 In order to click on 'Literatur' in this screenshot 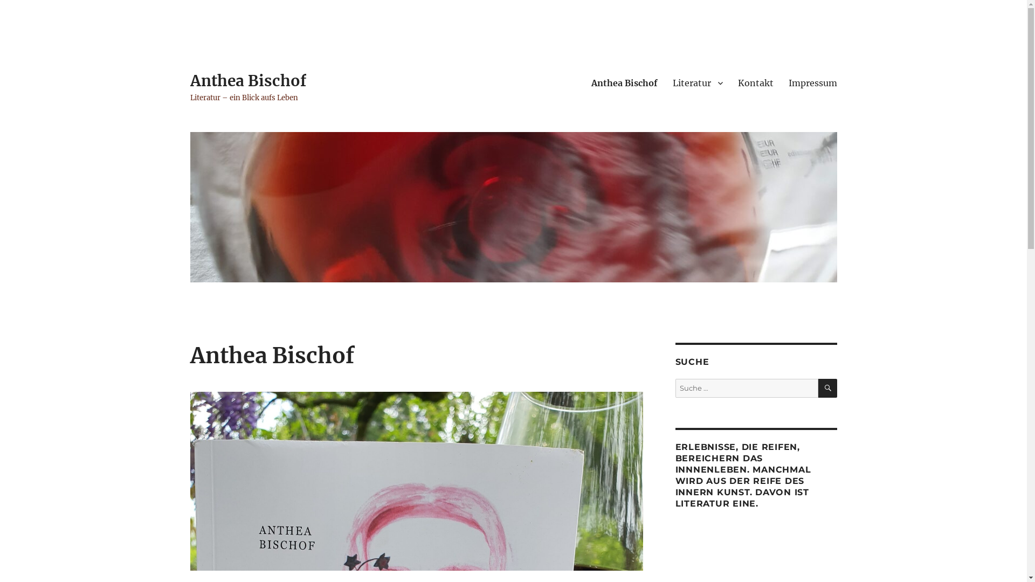, I will do `click(698, 82)`.